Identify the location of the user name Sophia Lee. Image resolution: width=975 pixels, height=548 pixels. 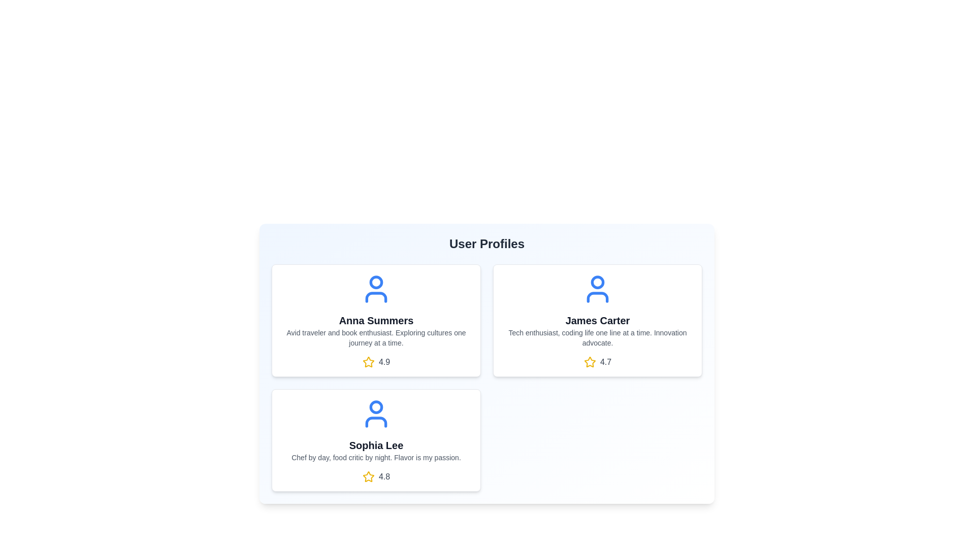
(375, 445).